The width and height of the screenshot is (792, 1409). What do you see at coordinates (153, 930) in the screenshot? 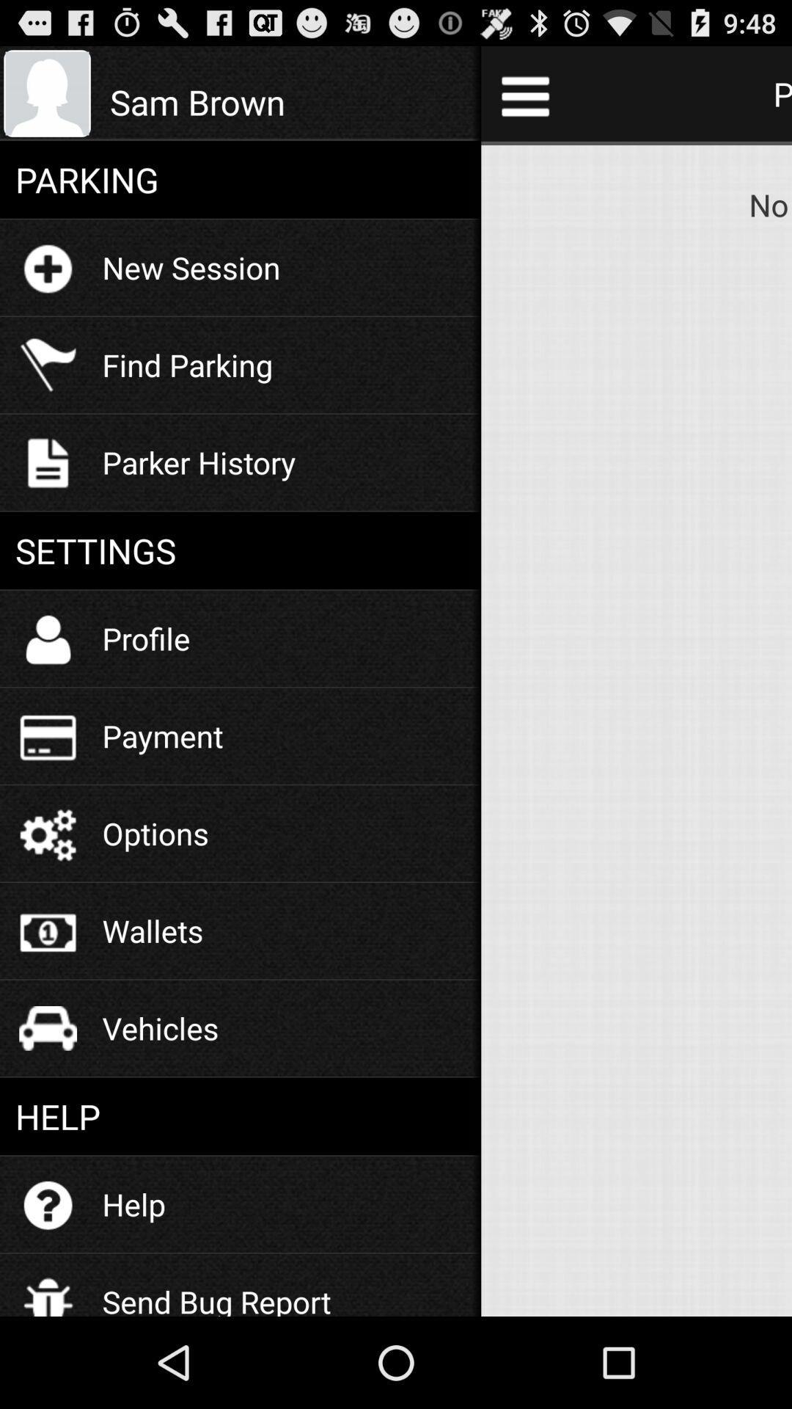
I see `the wallets` at bounding box center [153, 930].